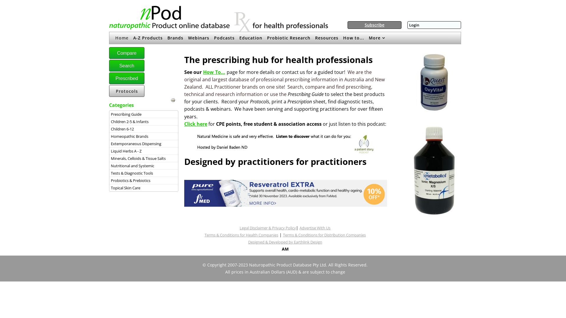  I want to click on 'Nutritional and Systemic', so click(144, 166).